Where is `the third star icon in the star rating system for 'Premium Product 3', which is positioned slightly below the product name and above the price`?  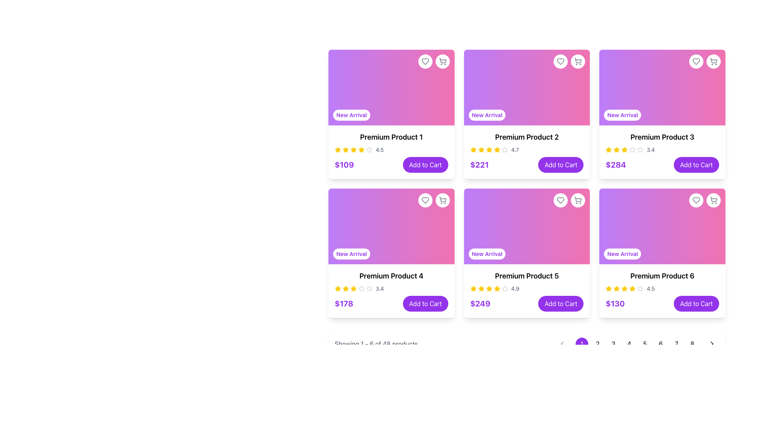
the third star icon in the star rating system for 'Premium Product 3', which is positioned slightly below the product name and above the price is located at coordinates (640, 149).